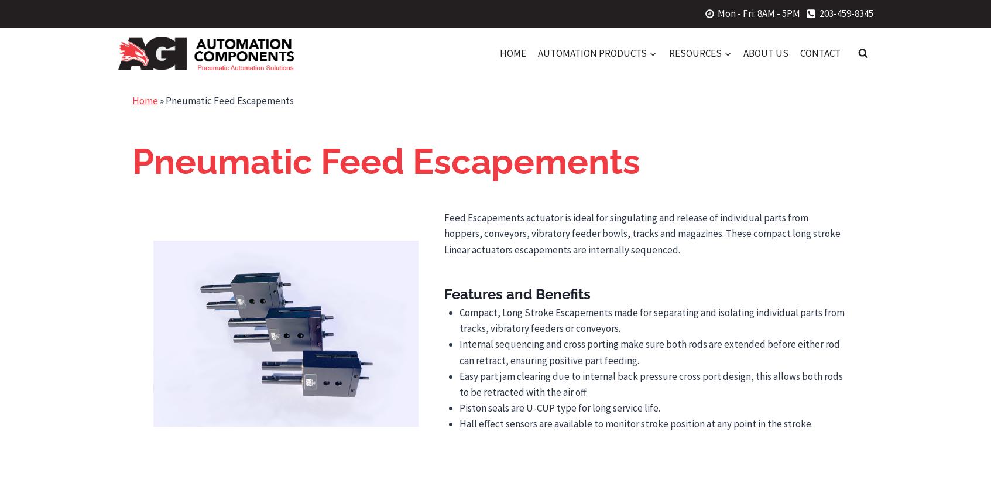  What do you see at coordinates (635, 424) in the screenshot?
I see `'Hall effect sensors are available to monitor stroke position at any point in the stroke.'` at bounding box center [635, 424].